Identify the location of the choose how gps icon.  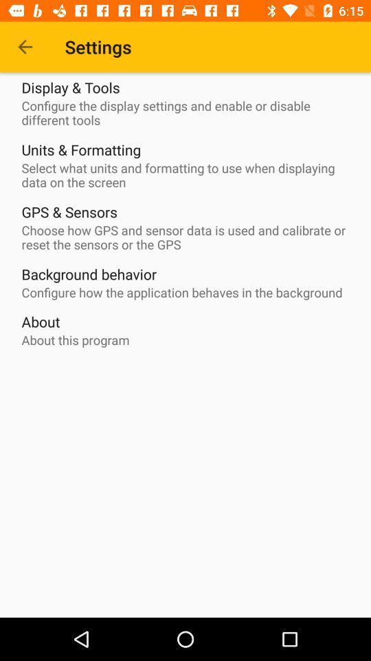
(188, 238).